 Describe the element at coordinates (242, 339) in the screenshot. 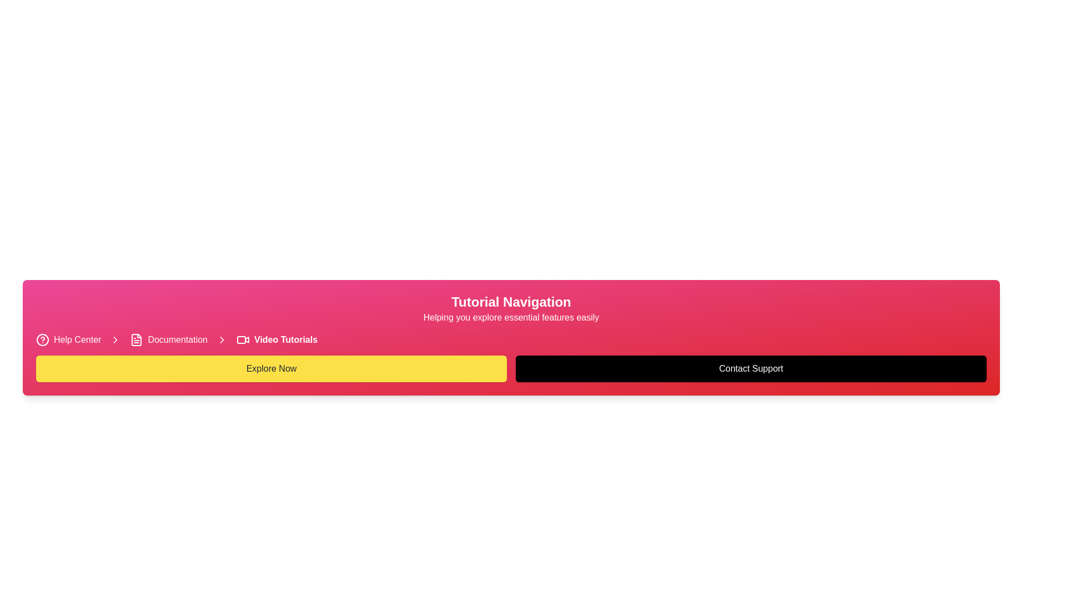

I see `the video icon, which features a rectangular outline with rounded corners and a triangular play symbol, located to the left of the 'Video Tutorials' text` at that location.